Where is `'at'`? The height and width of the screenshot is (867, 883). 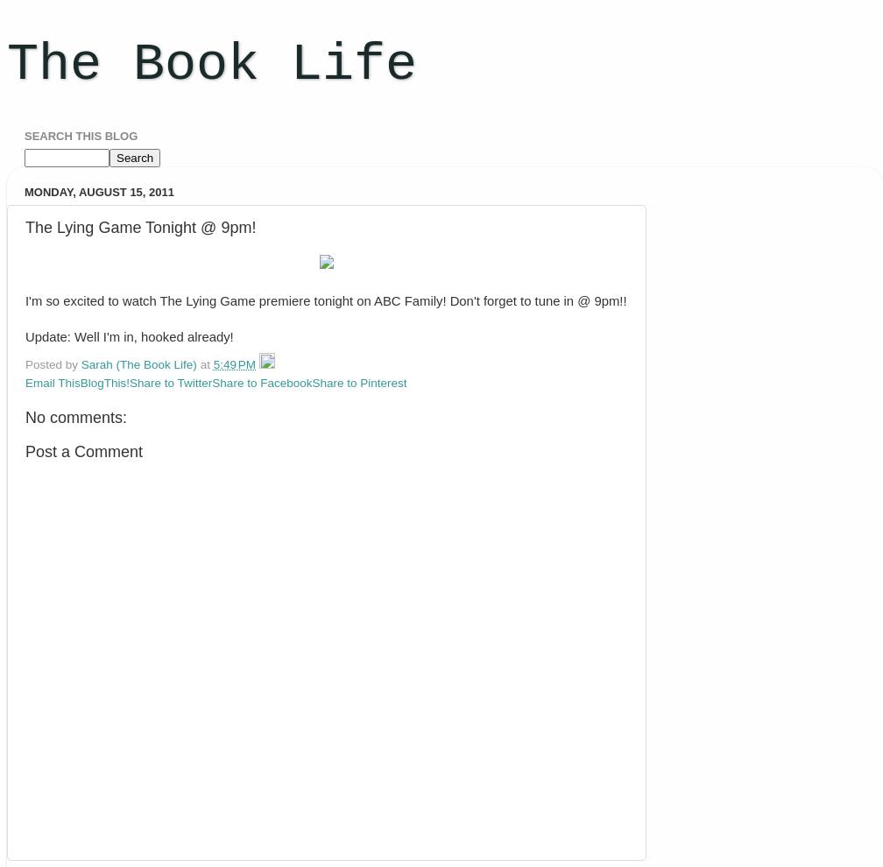
'at' is located at coordinates (206, 363).